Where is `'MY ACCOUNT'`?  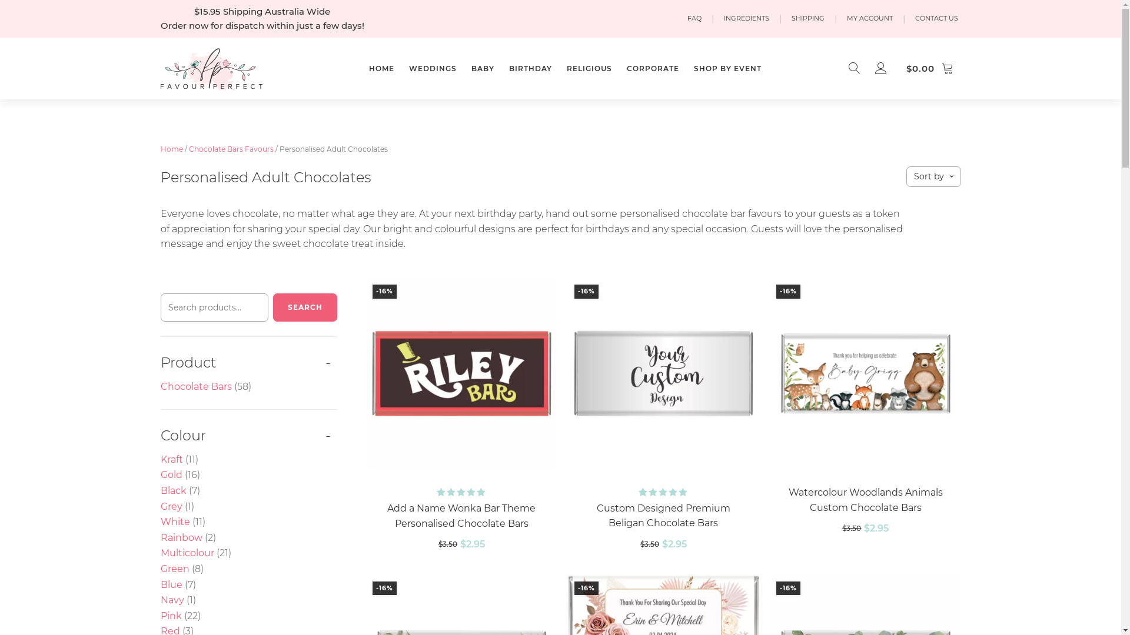
'MY ACCOUNT' is located at coordinates (870, 18).